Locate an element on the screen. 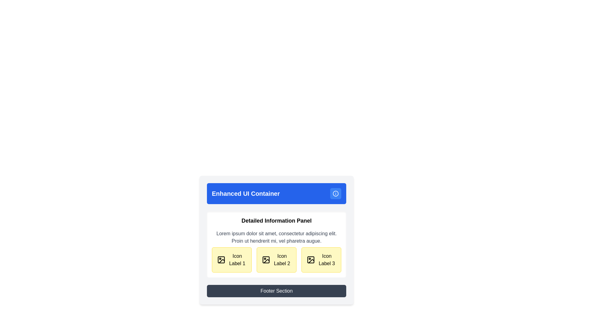 The width and height of the screenshot is (593, 333). the Text Label that is located in the yellow-highlighted box under the 'Detailed Information Panel', positioned between 'Icon Label 1' and 'Icon Label 3' is located at coordinates (282, 260).